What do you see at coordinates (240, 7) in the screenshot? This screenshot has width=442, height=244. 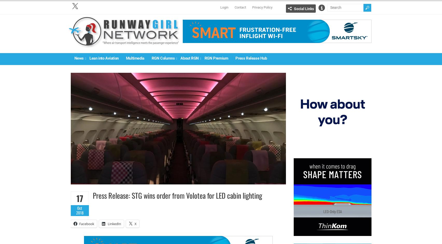 I see `'Contact'` at bounding box center [240, 7].